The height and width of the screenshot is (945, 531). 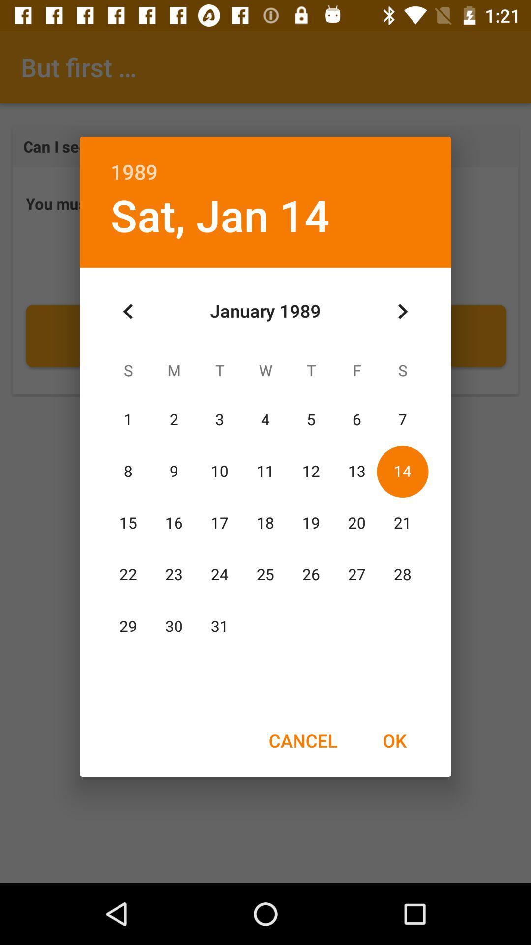 I want to click on item below 1989 item, so click(x=402, y=311).